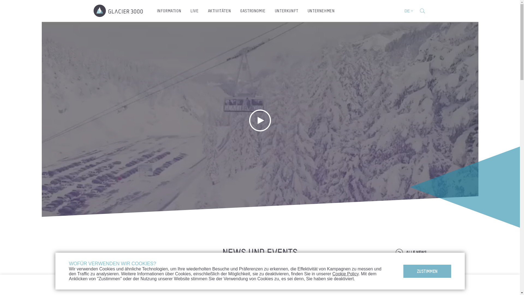 This screenshot has width=524, height=295. Describe the element at coordinates (345, 274) in the screenshot. I see `'Cookie Policy'` at that location.